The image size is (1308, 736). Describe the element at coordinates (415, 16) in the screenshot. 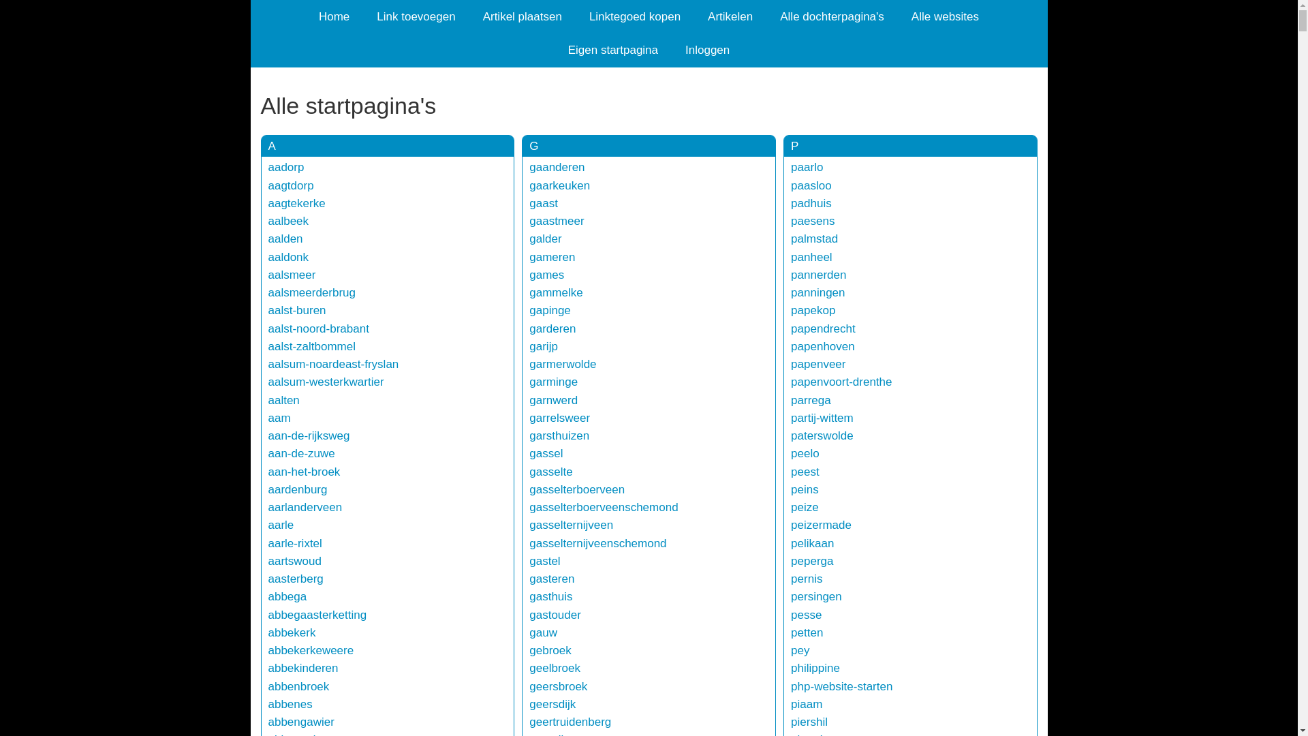

I see `'Link toevoegen'` at that location.